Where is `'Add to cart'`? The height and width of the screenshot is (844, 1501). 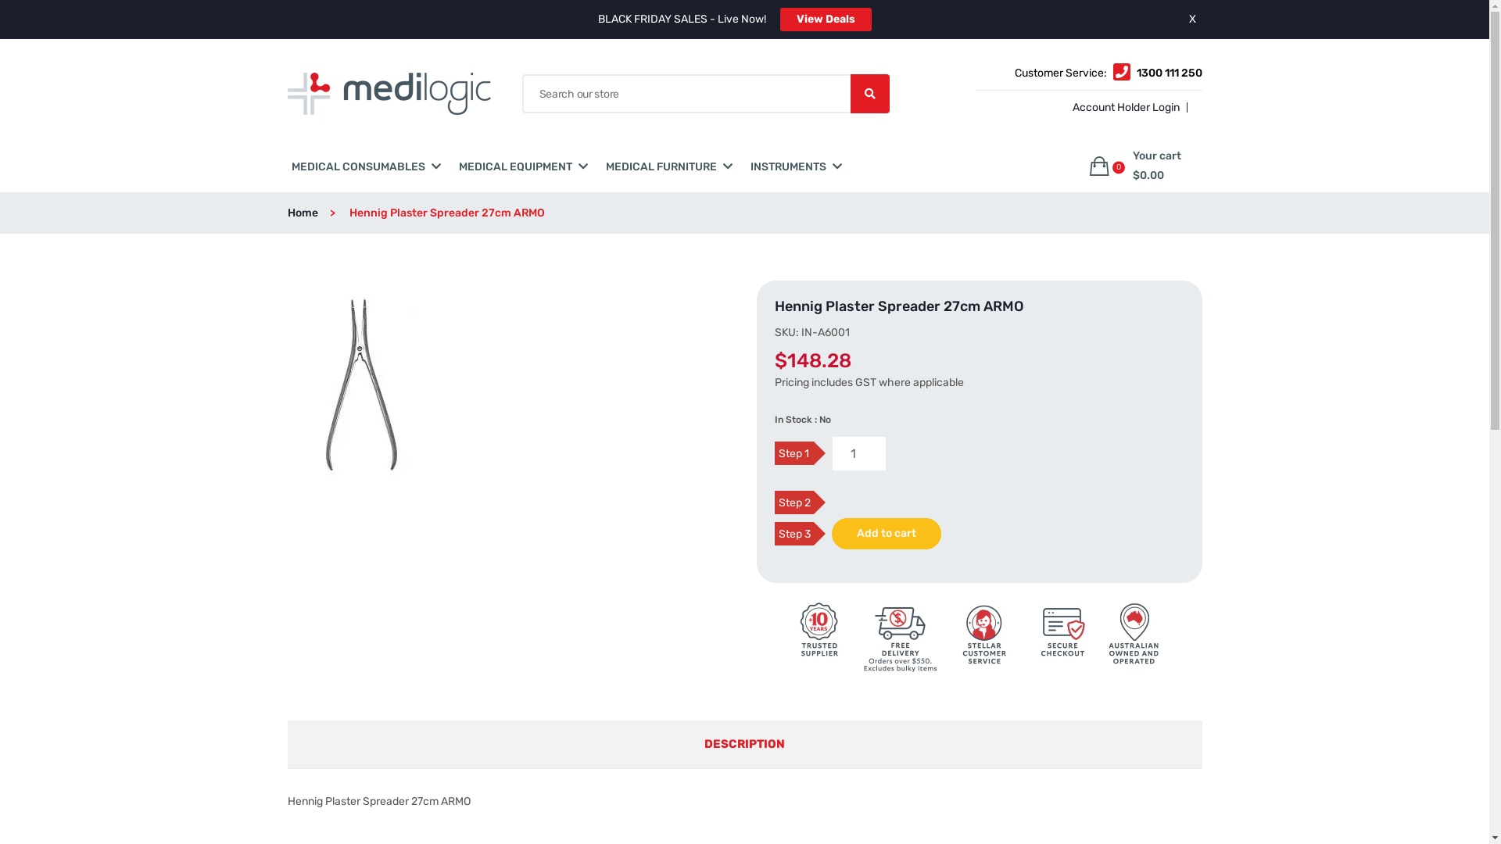
'Add to cart' is located at coordinates (831, 532).